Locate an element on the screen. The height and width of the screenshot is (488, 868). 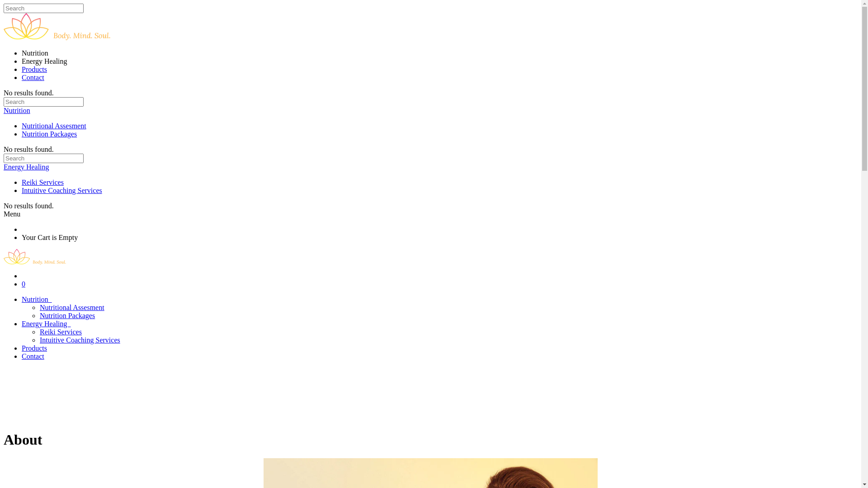
'Products' is located at coordinates (34, 69).